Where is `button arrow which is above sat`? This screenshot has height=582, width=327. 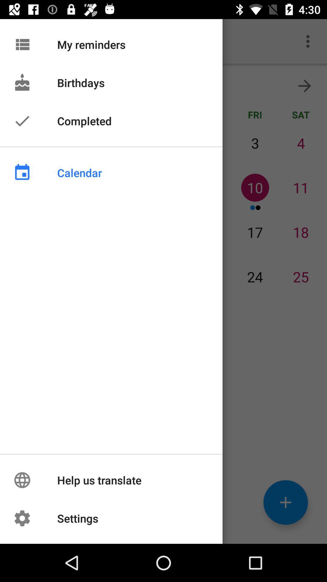
button arrow which is above sat is located at coordinates (305, 85).